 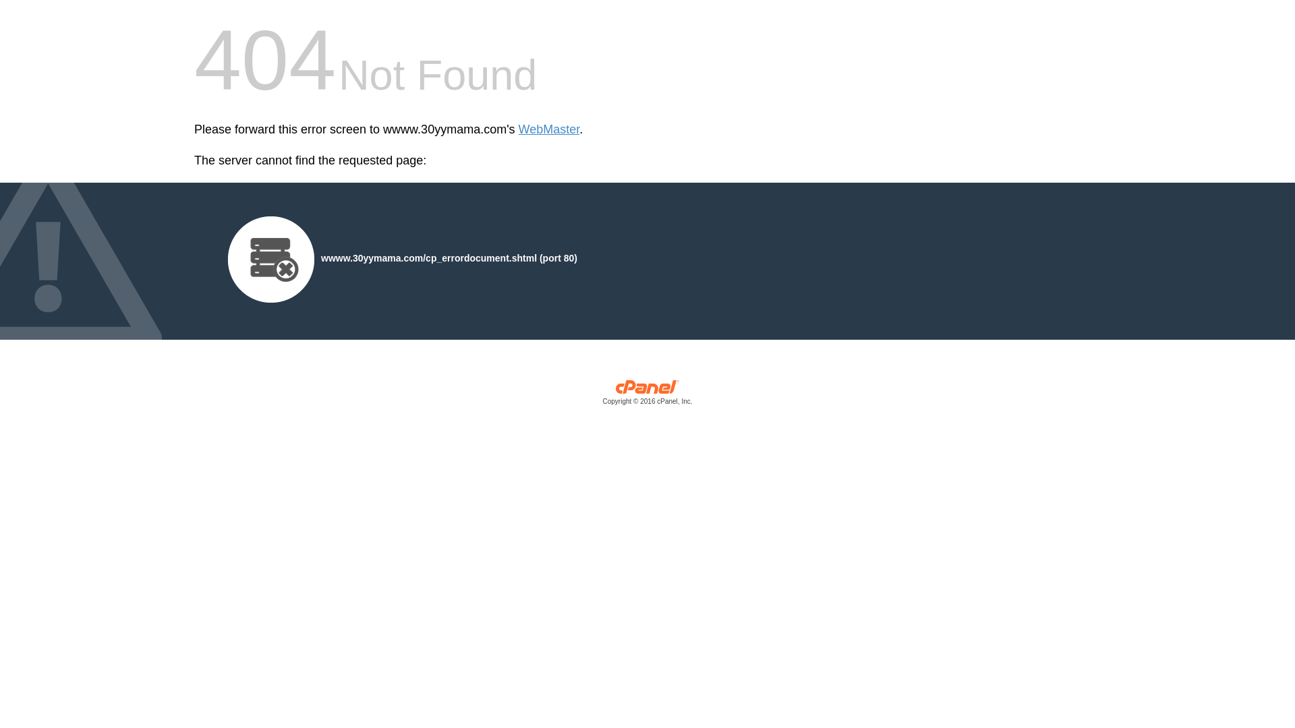 What do you see at coordinates (549, 129) in the screenshot?
I see `'WebMaster'` at bounding box center [549, 129].